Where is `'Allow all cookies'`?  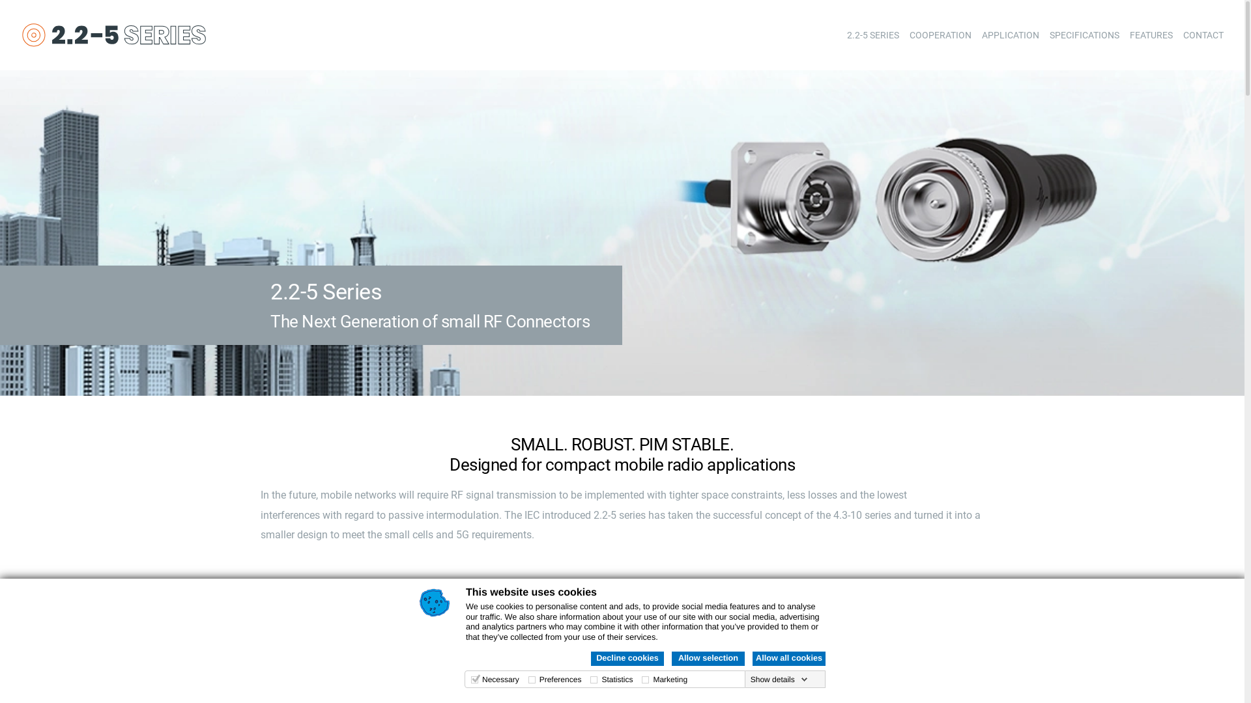
'Allow all cookies' is located at coordinates (788, 658).